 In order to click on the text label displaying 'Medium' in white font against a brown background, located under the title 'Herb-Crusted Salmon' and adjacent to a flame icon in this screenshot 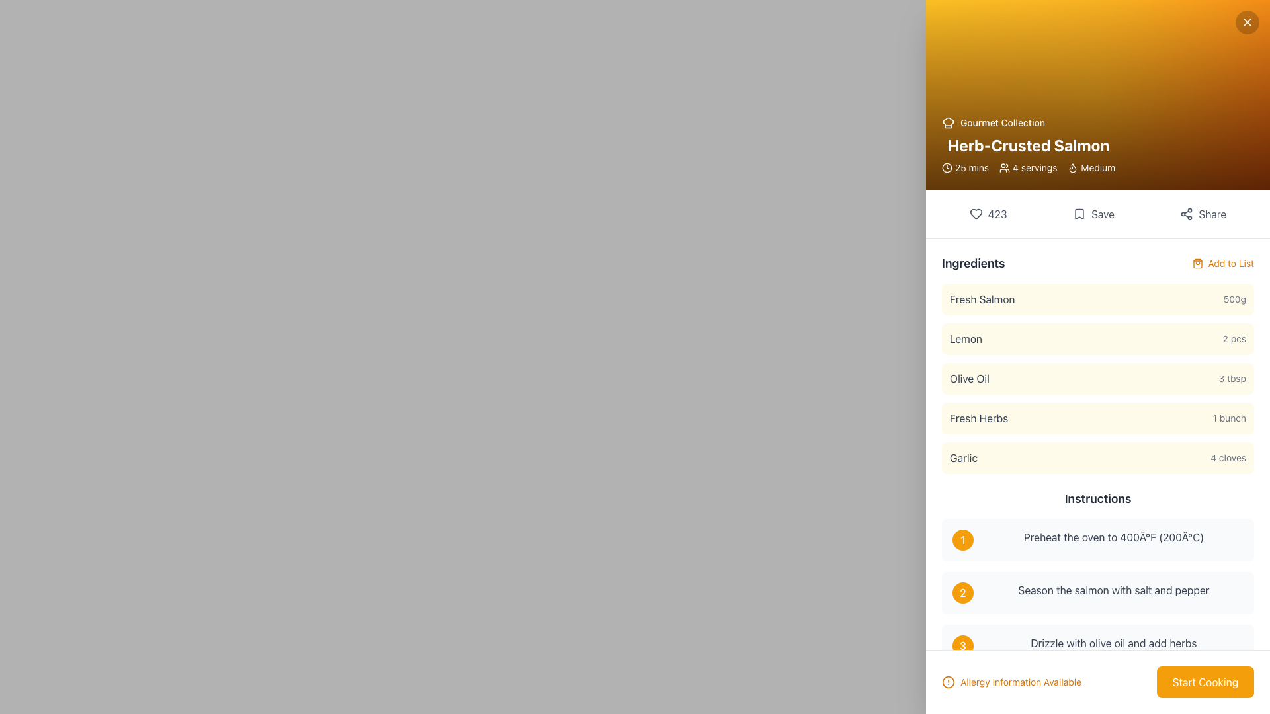, I will do `click(1098, 167)`.